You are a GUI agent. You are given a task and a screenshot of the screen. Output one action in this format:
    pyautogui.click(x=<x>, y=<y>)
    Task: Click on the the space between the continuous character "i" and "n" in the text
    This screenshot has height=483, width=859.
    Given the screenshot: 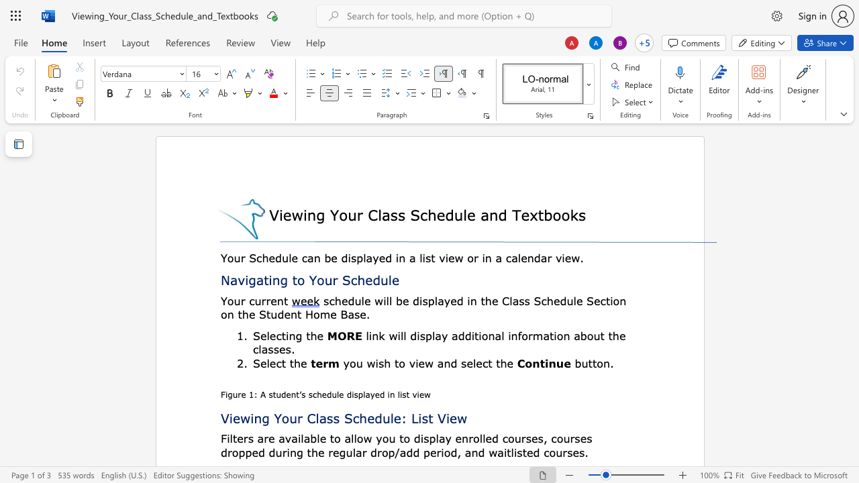 What is the action you would take?
    pyautogui.click(x=307, y=214)
    